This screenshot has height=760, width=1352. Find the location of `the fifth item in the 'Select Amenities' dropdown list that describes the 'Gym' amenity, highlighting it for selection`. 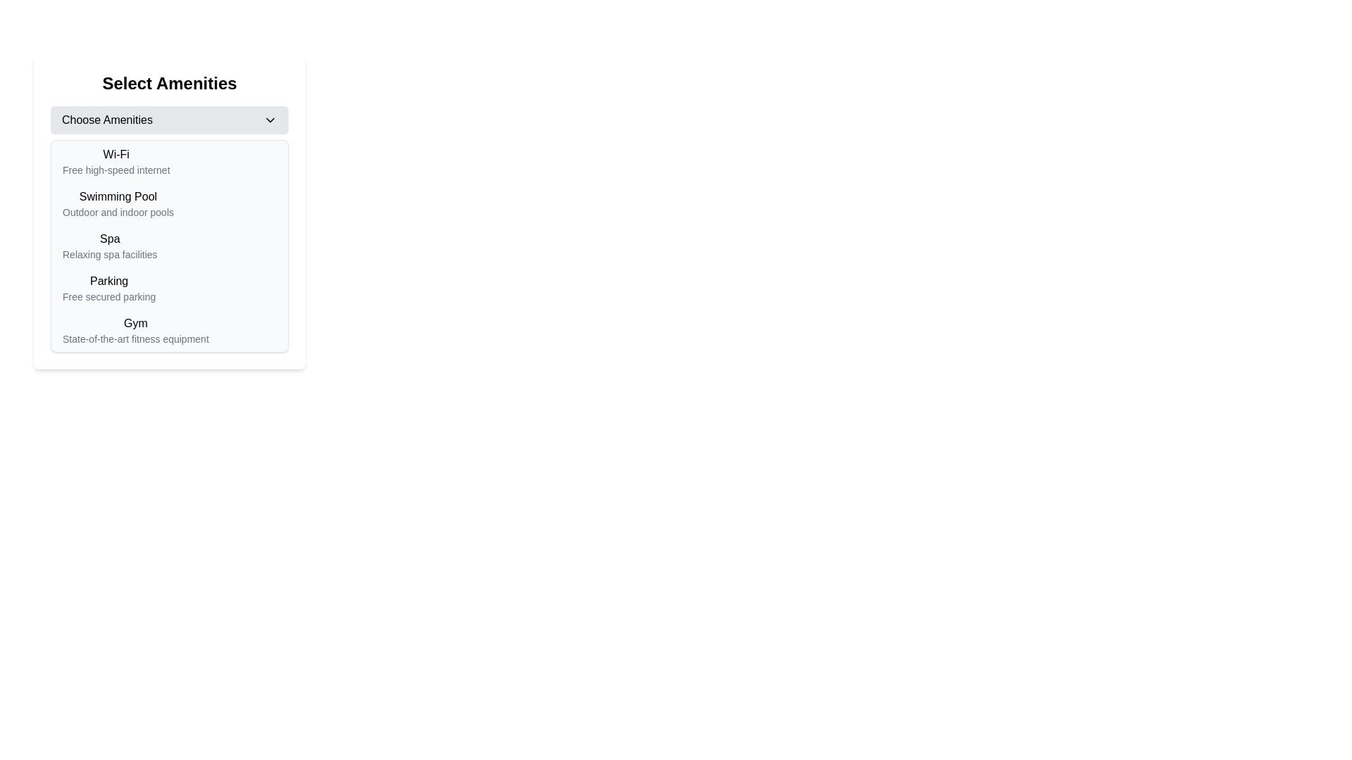

the fifth item in the 'Select Amenities' dropdown list that describes the 'Gym' amenity, highlighting it for selection is located at coordinates (135, 331).